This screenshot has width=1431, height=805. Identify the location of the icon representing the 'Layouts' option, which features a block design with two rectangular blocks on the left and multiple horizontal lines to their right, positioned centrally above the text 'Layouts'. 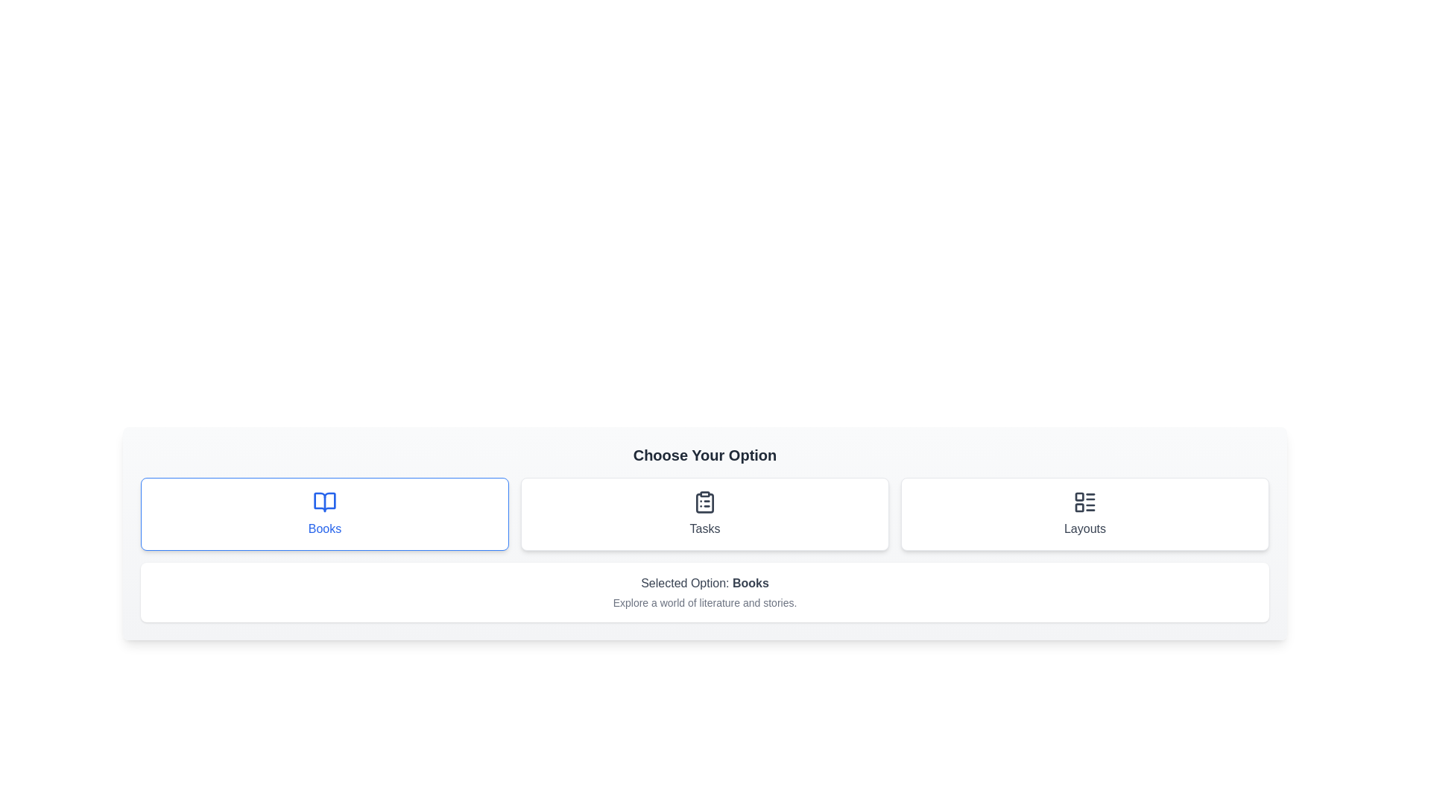
(1084, 502).